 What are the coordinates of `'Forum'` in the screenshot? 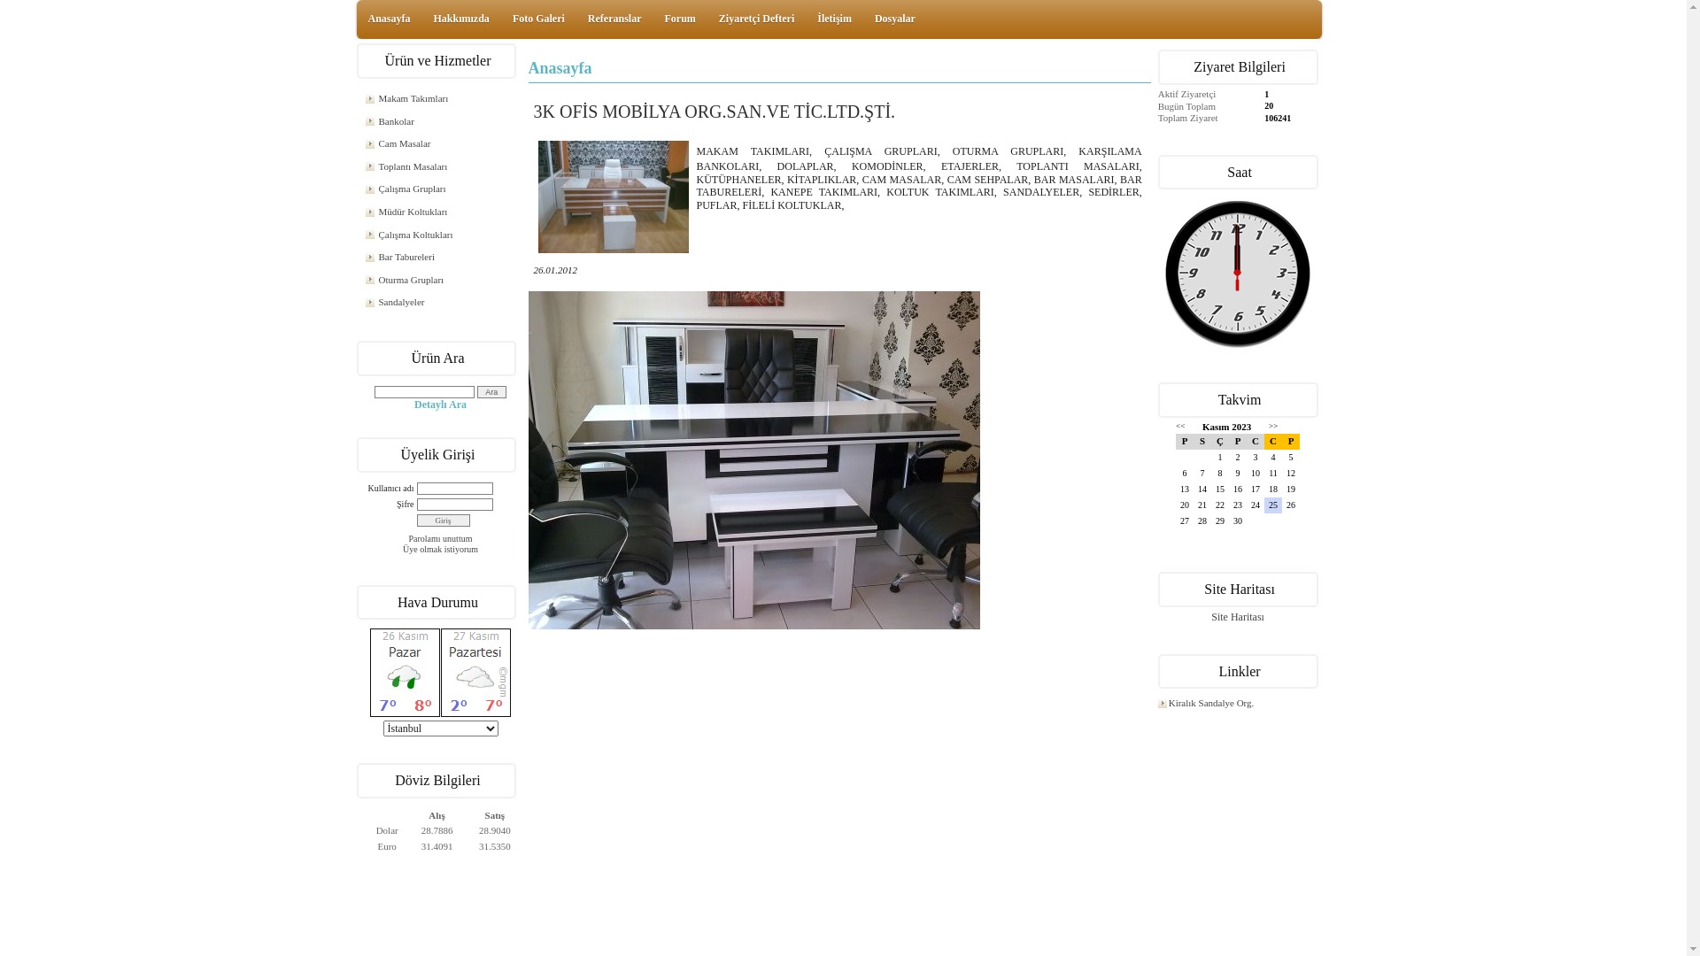 It's located at (679, 18).